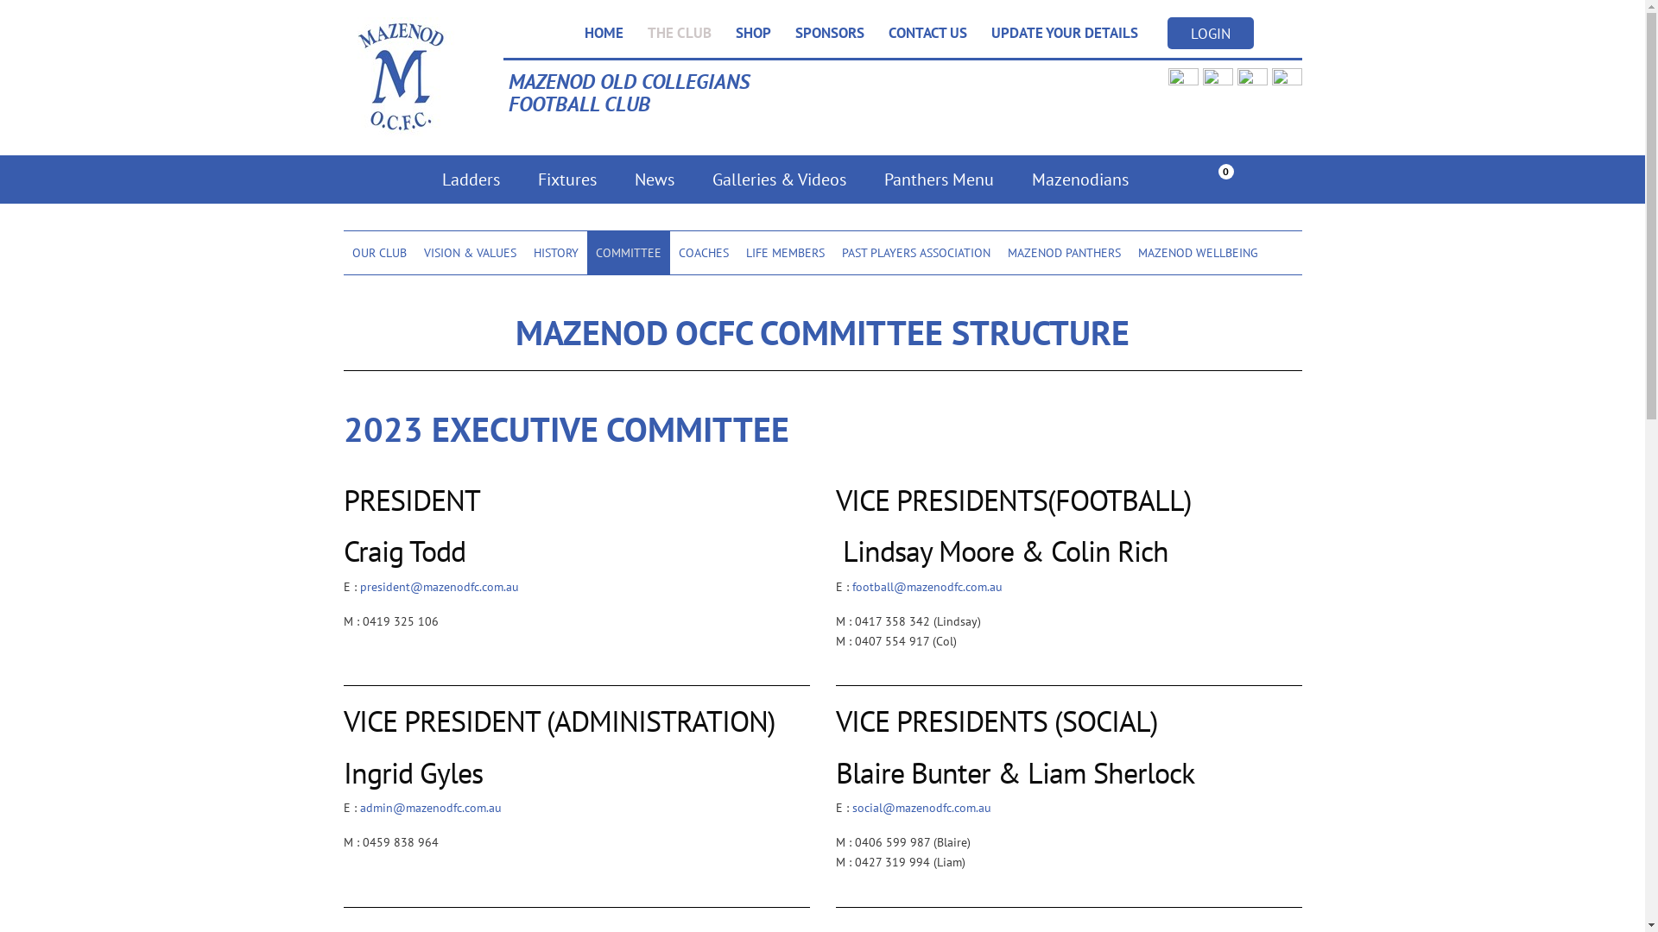  What do you see at coordinates (1062, 253) in the screenshot?
I see `'MAZENOD PANTHERS'` at bounding box center [1062, 253].